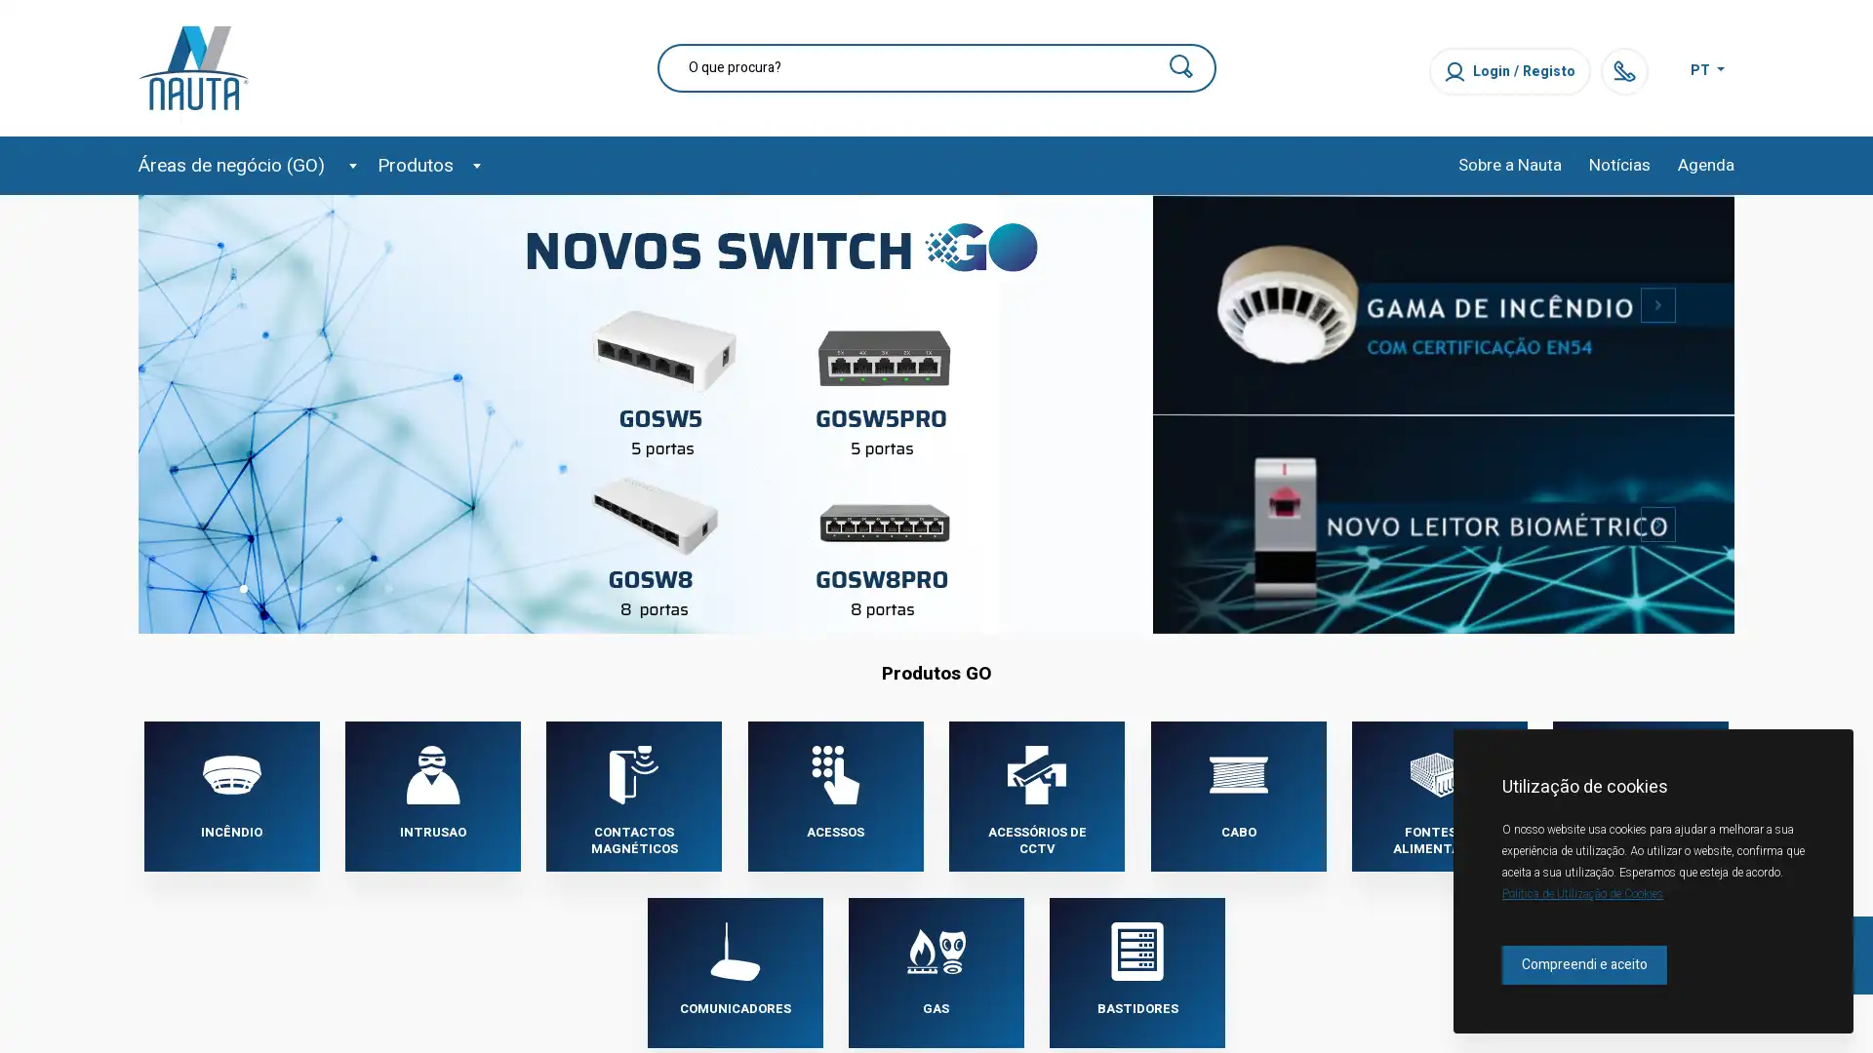 The image size is (1873, 1053). Describe the element at coordinates (340, 588) in the screenshot. I see `Go to slide 3` at that location.